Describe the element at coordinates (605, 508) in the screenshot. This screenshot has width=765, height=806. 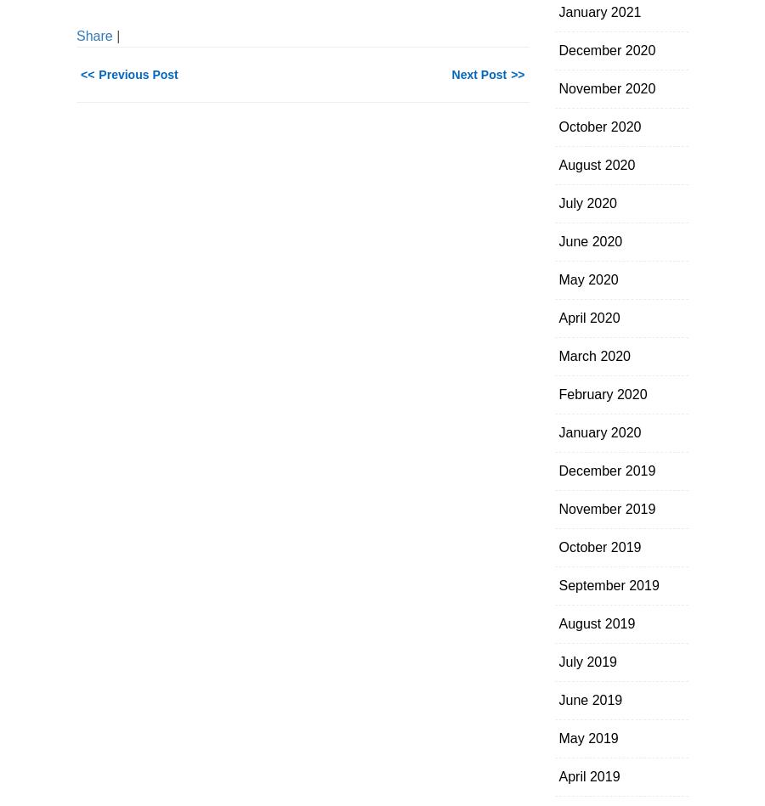
I see `'November 2019'` at that location.